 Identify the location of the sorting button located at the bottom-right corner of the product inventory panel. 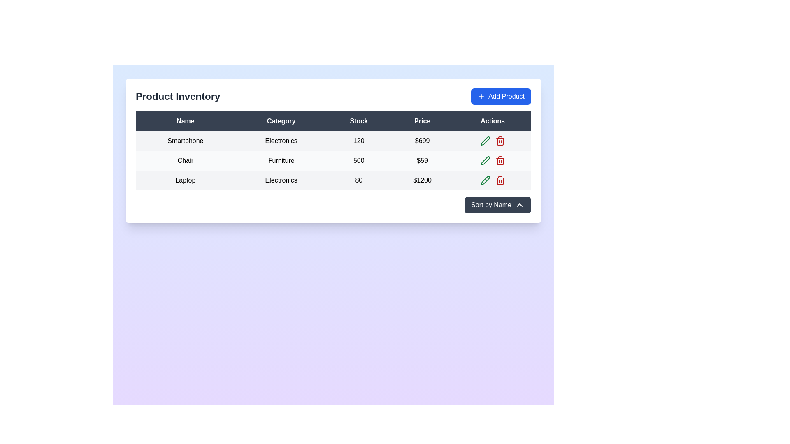
(497, 204).